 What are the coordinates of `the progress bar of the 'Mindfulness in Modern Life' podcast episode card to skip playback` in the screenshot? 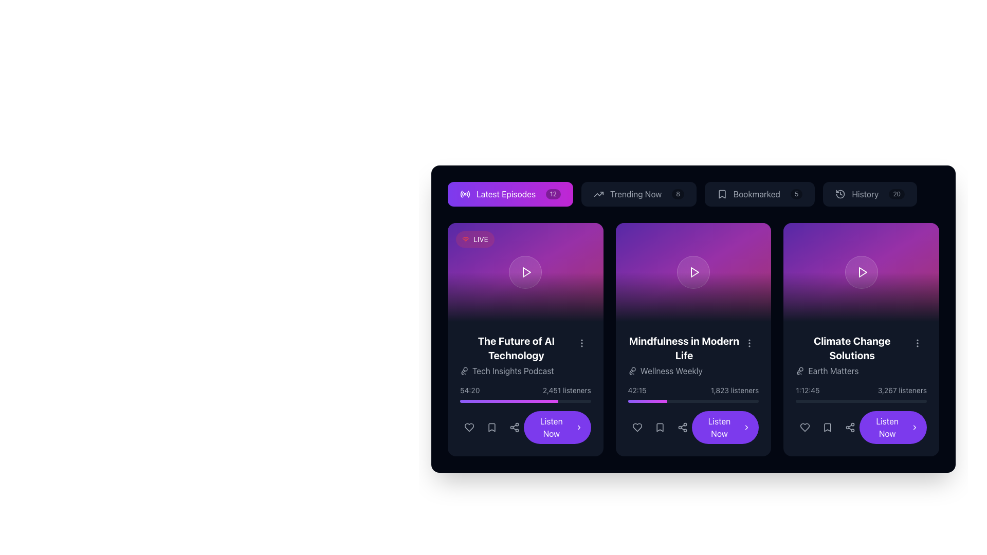 It's located at (693, 388).